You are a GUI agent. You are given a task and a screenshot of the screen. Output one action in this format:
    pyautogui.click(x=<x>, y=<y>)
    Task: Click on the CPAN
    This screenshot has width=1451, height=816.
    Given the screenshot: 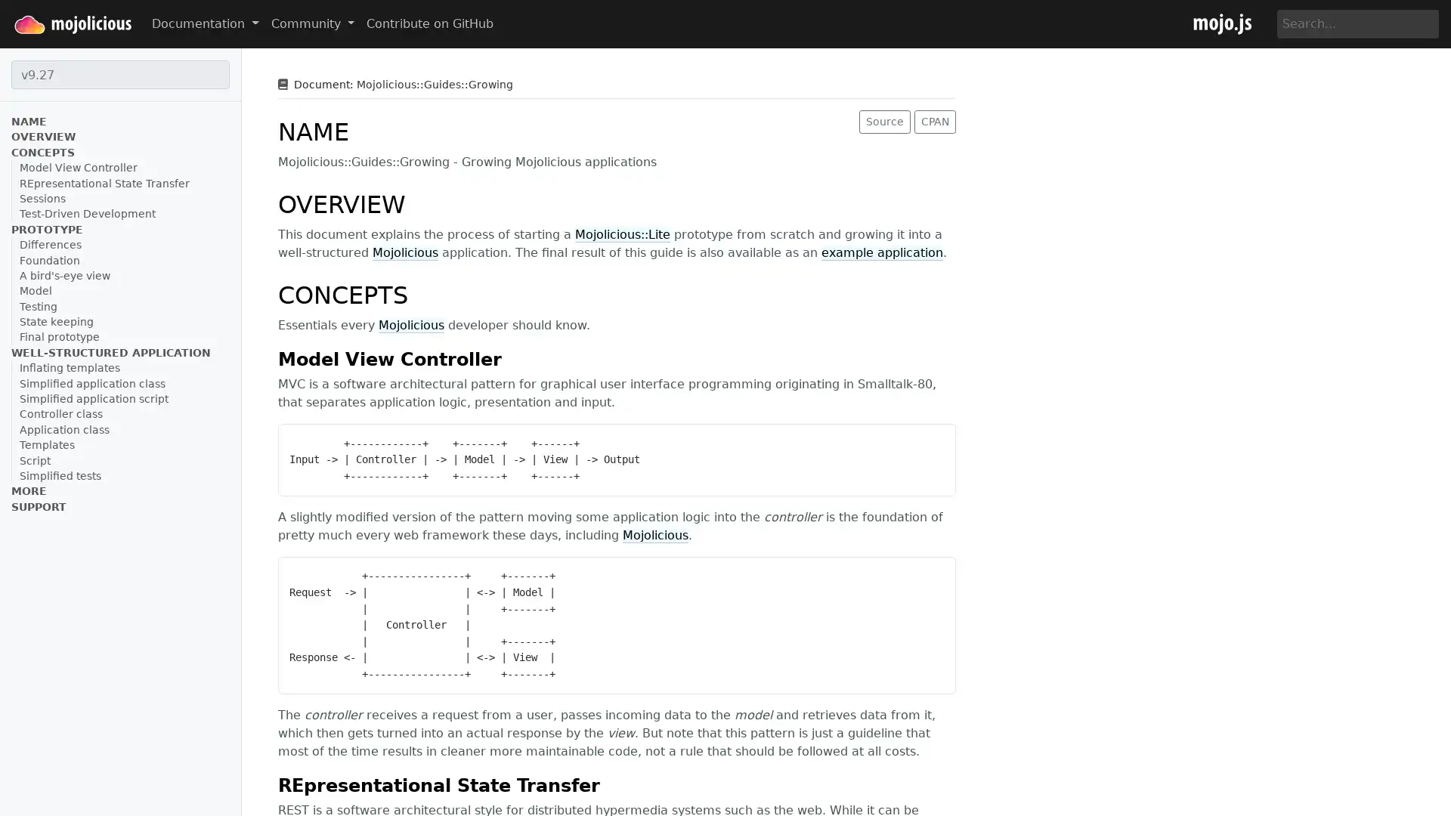 What is the action you would take?
    pyautogui.click(x=934, y=120)
    